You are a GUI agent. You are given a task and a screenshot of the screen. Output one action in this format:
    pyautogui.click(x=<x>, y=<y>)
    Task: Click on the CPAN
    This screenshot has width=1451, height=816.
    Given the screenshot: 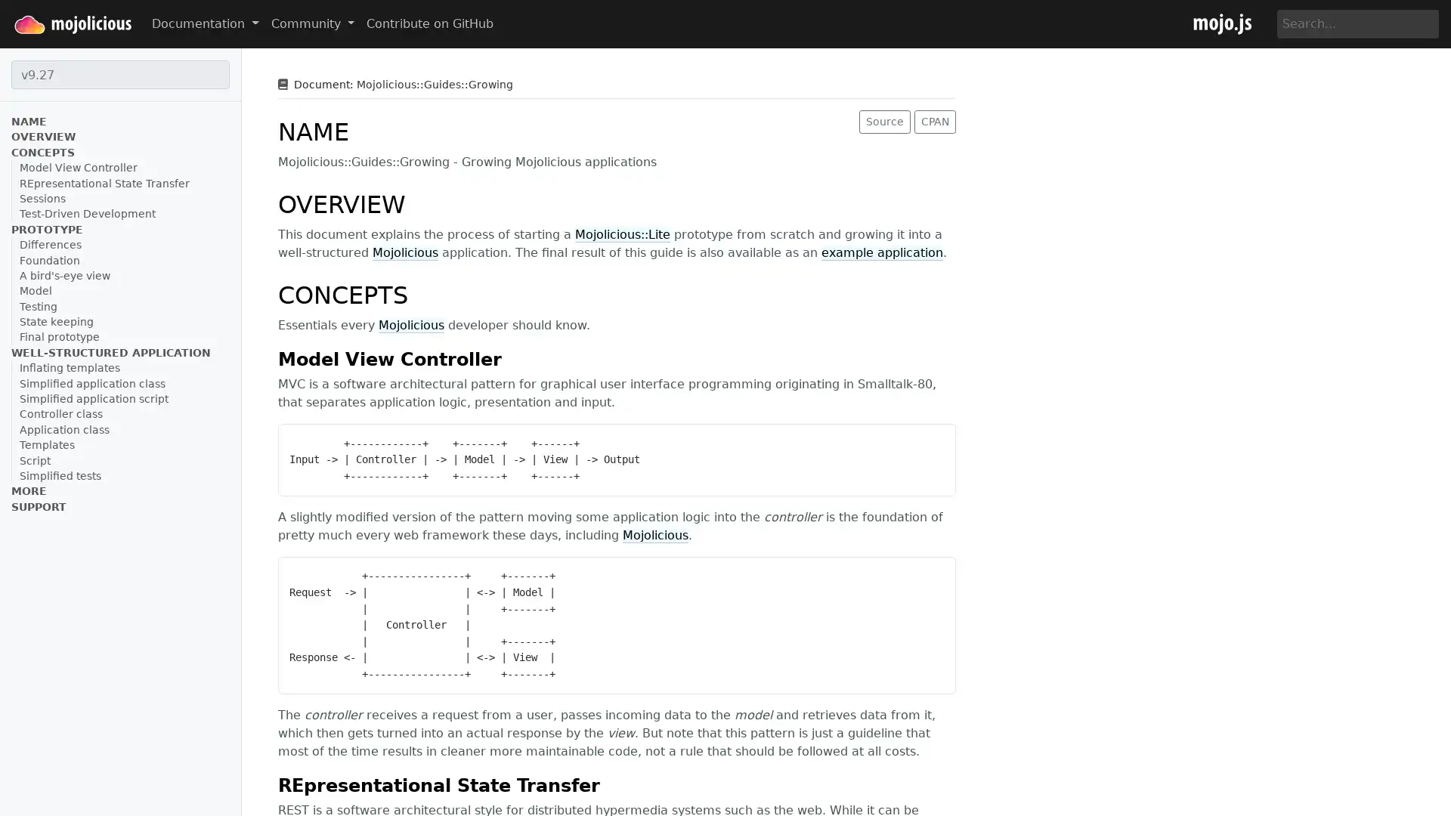 What is the action you would take?
    pyautogui.click(x=934, y=120)
    